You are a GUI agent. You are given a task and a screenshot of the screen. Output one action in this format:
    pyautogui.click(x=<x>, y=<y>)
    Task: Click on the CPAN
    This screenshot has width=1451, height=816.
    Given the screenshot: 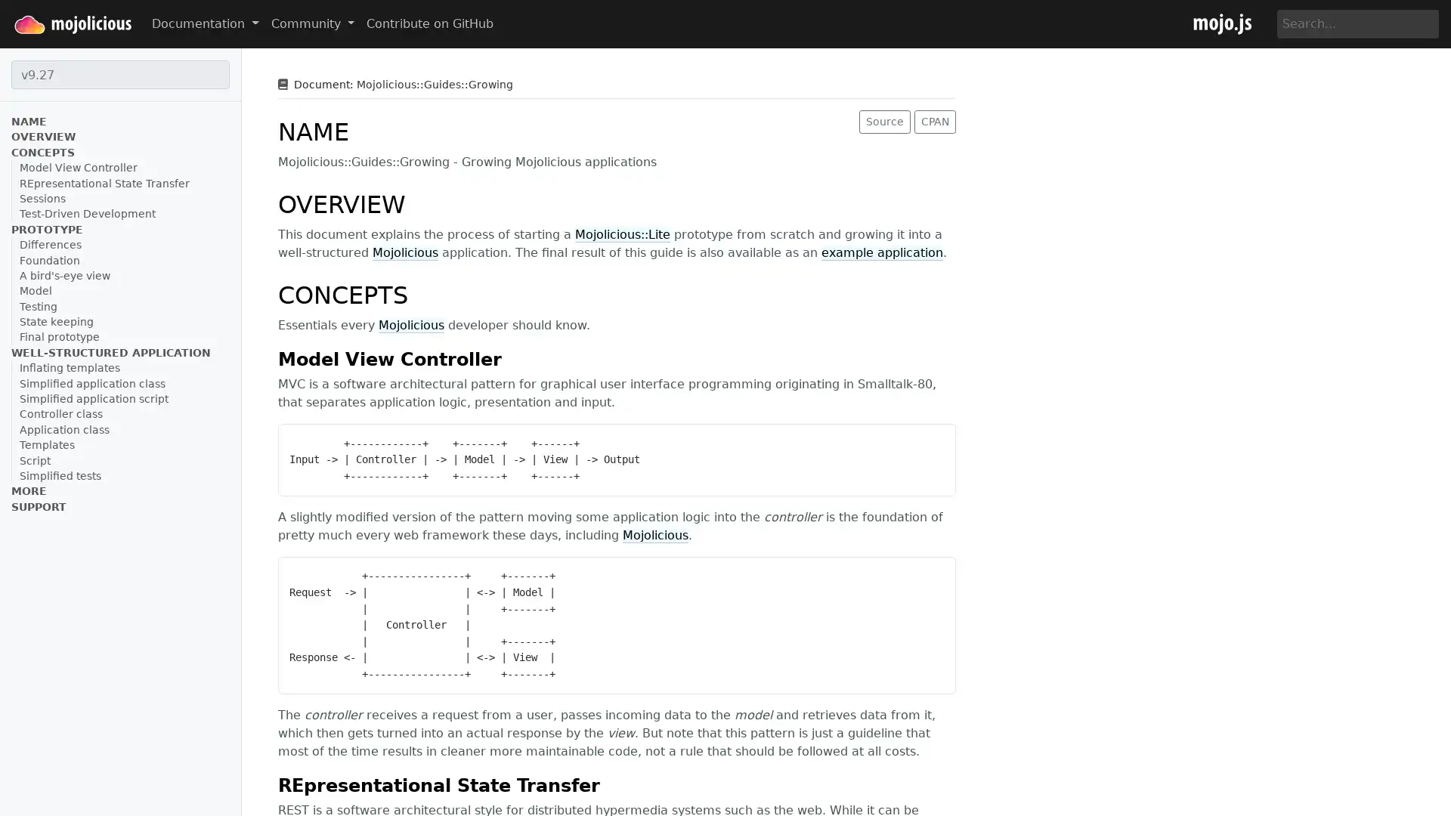 What is the action you would take?
    pyautogui.click(x=934, y=120)
    